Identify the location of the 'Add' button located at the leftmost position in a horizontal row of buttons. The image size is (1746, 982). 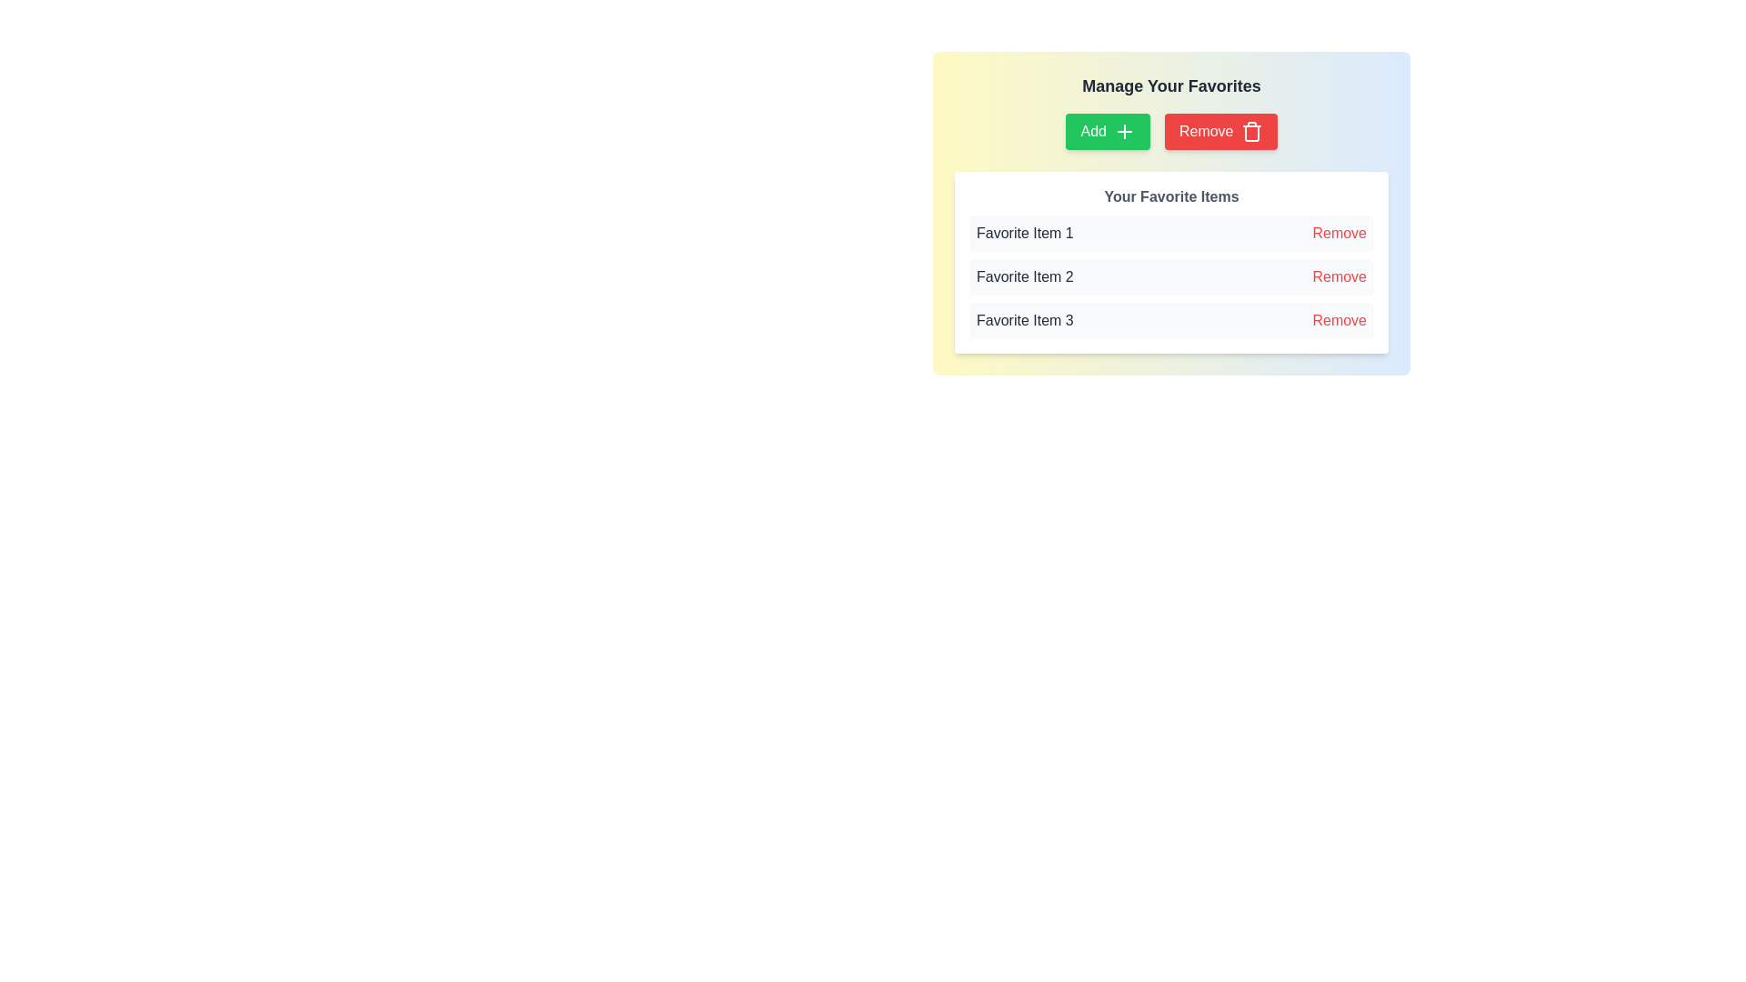
(1107, 131).